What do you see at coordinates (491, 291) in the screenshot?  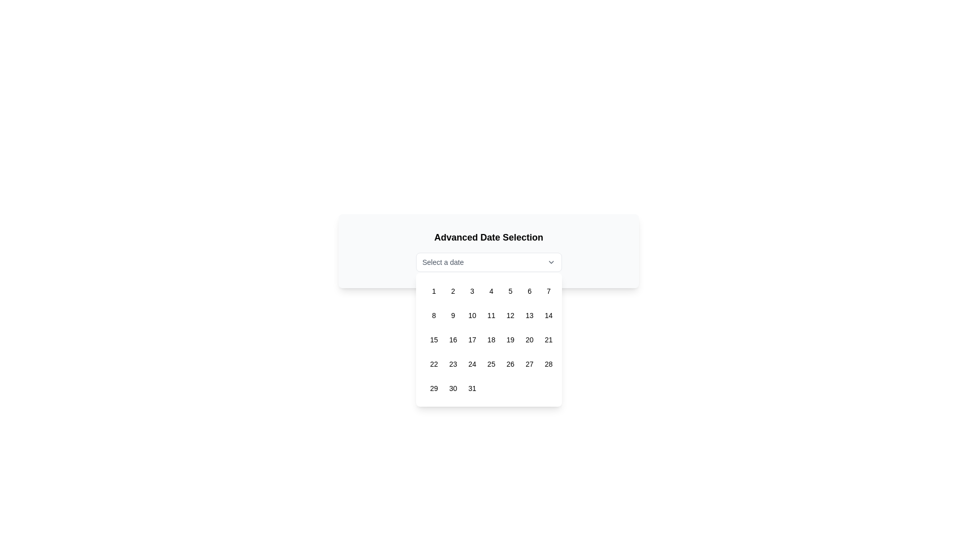 I see `the small square button with rounded corners displaying the number '4'` at bounding box center [491, 291].